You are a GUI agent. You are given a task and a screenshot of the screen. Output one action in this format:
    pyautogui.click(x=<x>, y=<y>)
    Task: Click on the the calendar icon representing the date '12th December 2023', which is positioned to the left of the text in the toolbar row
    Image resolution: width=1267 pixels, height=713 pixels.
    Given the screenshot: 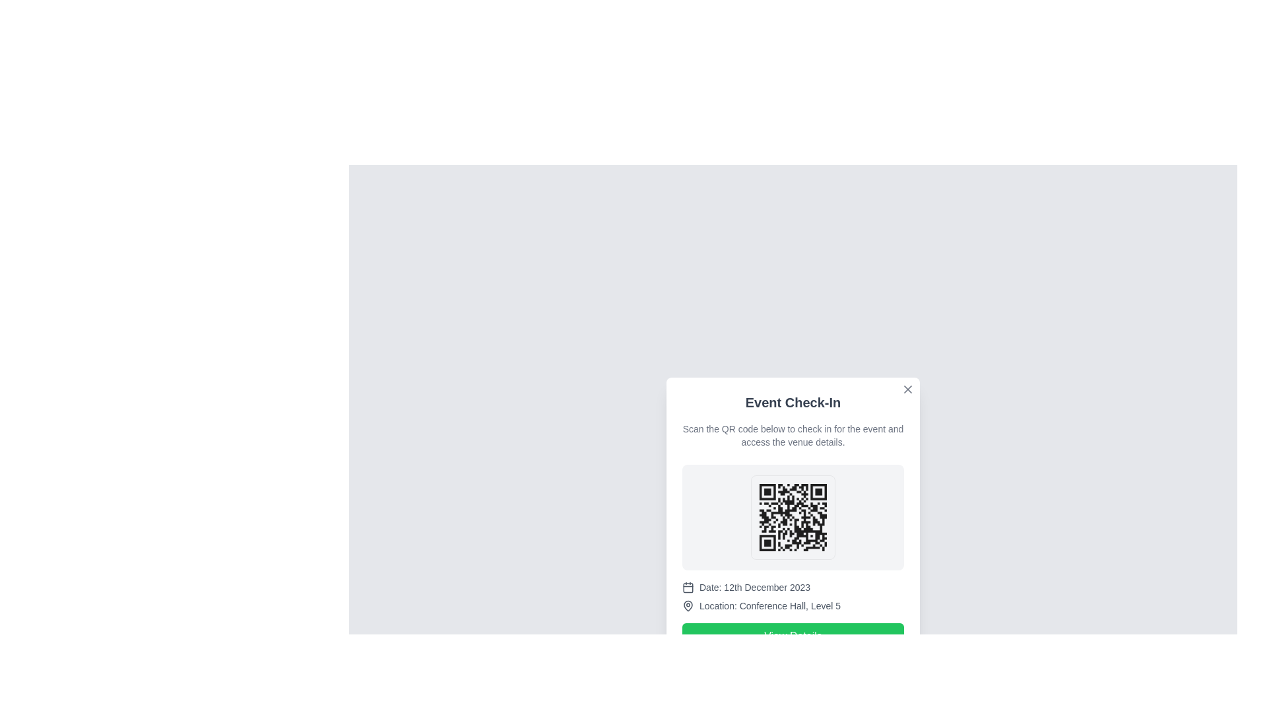 What is the action you would take?
    pyautogui.click(x=687, y=587)
    